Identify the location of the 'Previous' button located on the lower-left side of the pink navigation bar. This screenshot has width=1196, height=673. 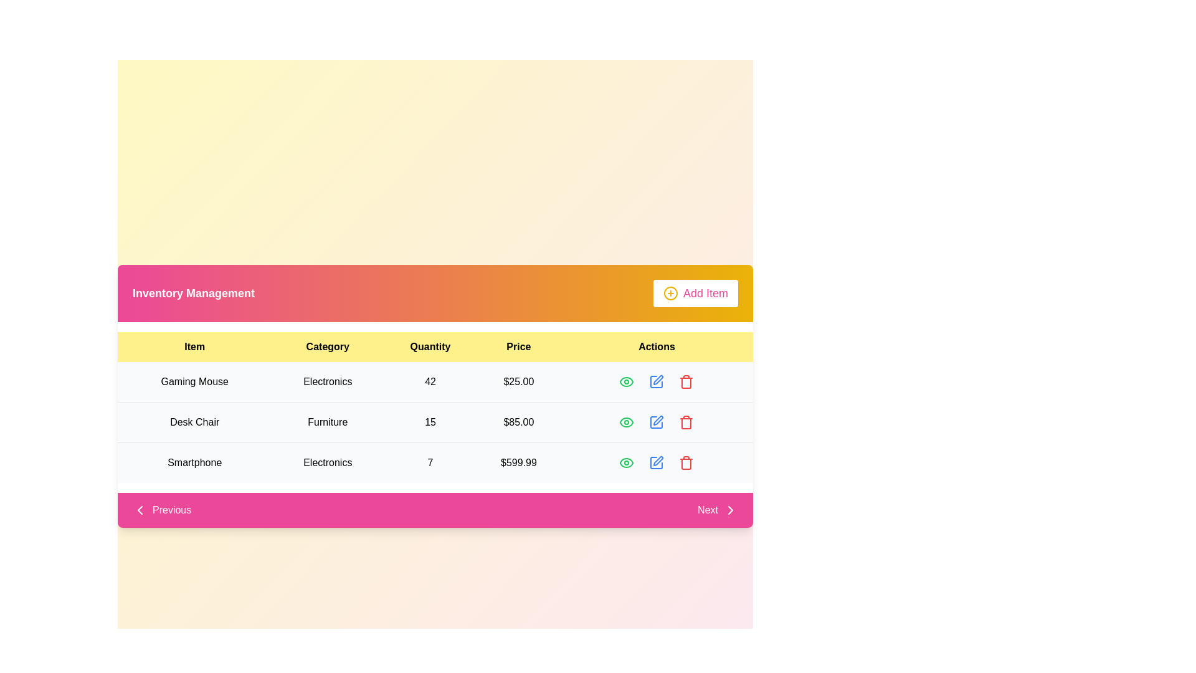
(161, 510).